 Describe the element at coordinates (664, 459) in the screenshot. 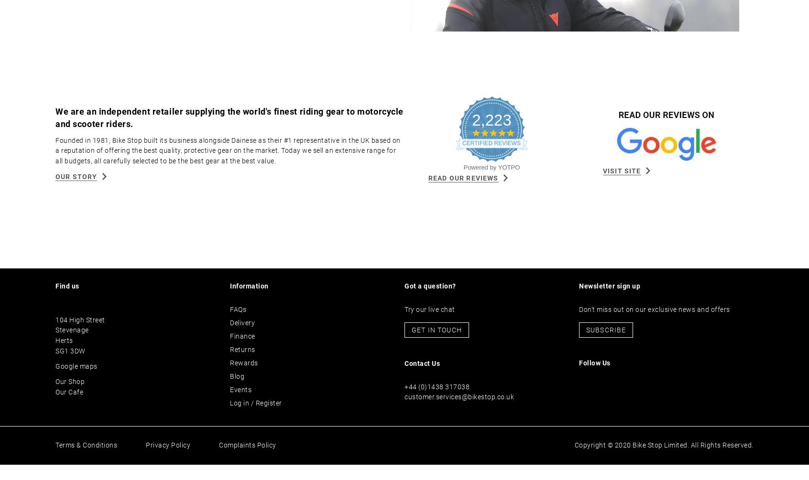

I see `'Copyright © 2020 Bike Stop Limited. All Rights Reserved.'` at that location.